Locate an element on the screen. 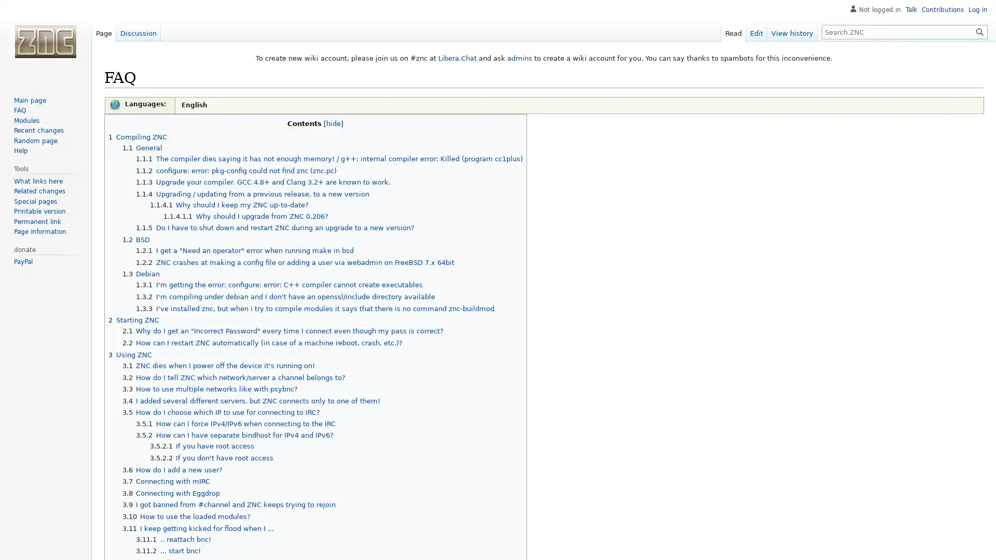  Search is located at coordinates (979, 31).